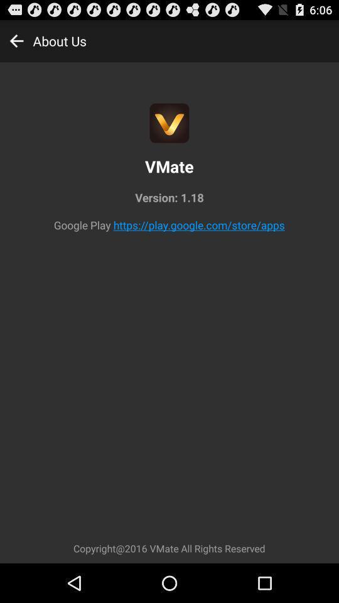  Describe the element at coordinates (16, 40) in the screenshot. I see `the icon to the left of about us icon` at that location.